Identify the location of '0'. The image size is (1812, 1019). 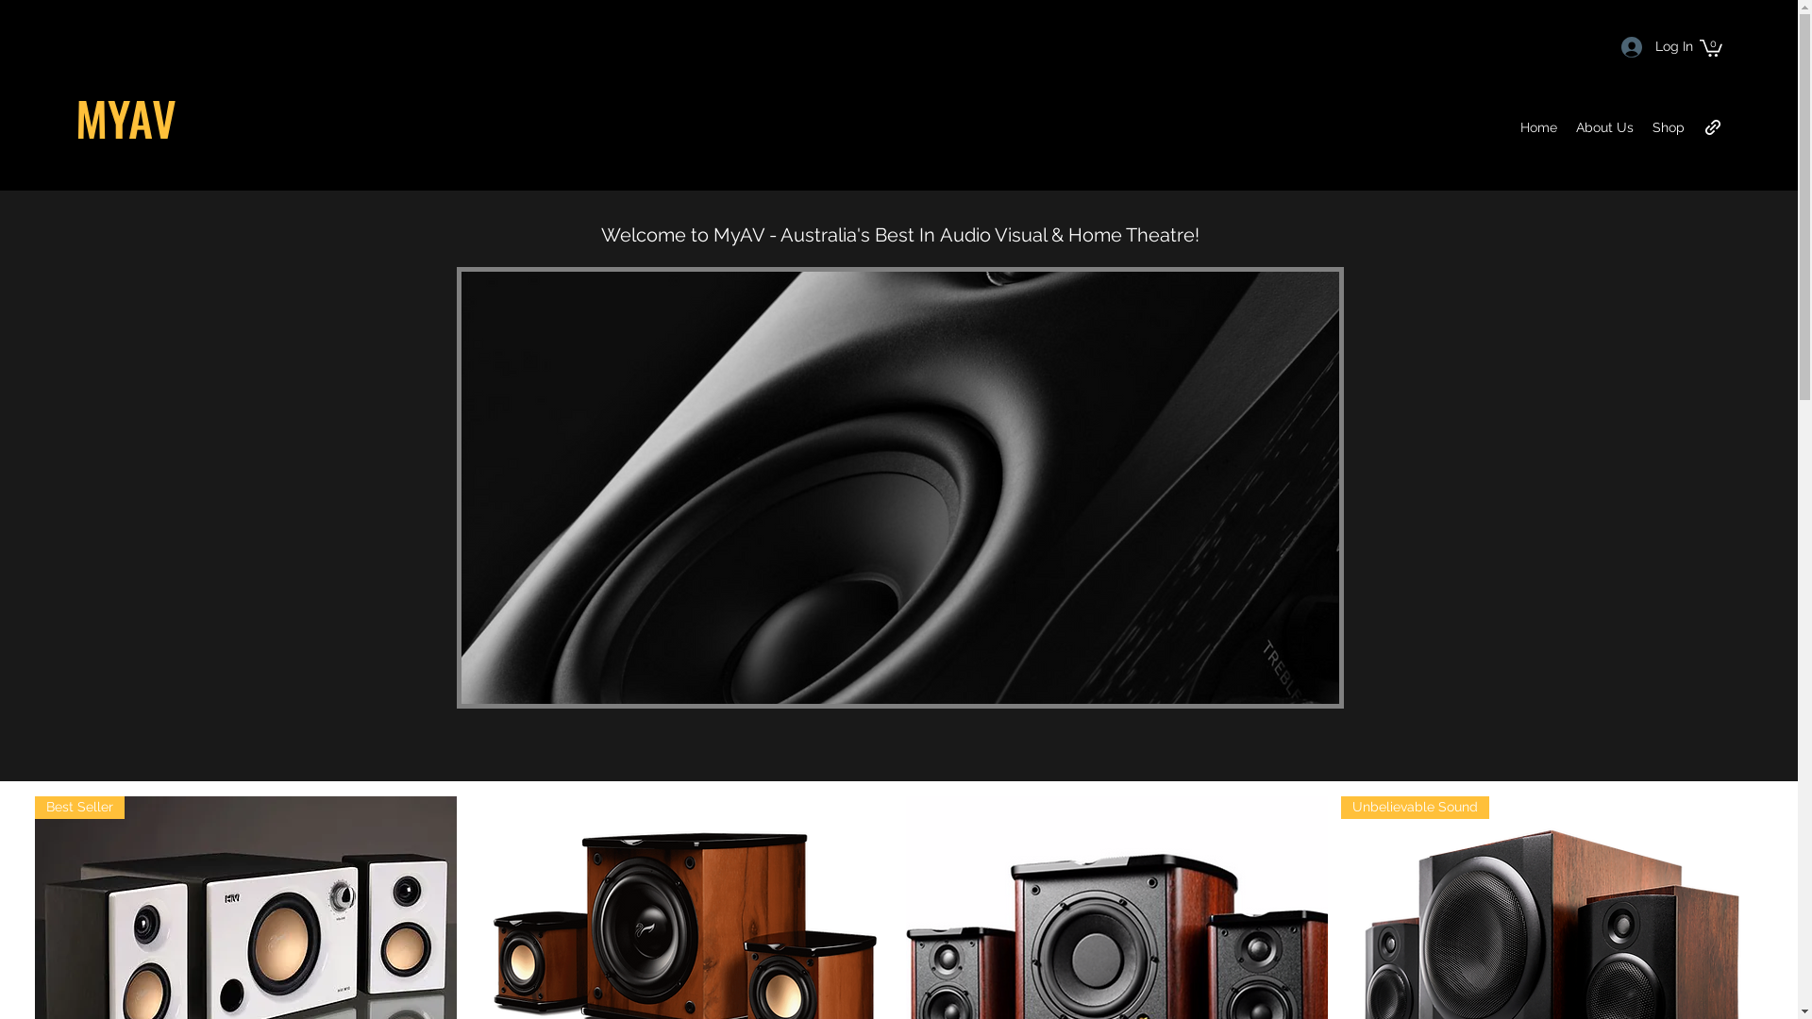
(1711, 46).